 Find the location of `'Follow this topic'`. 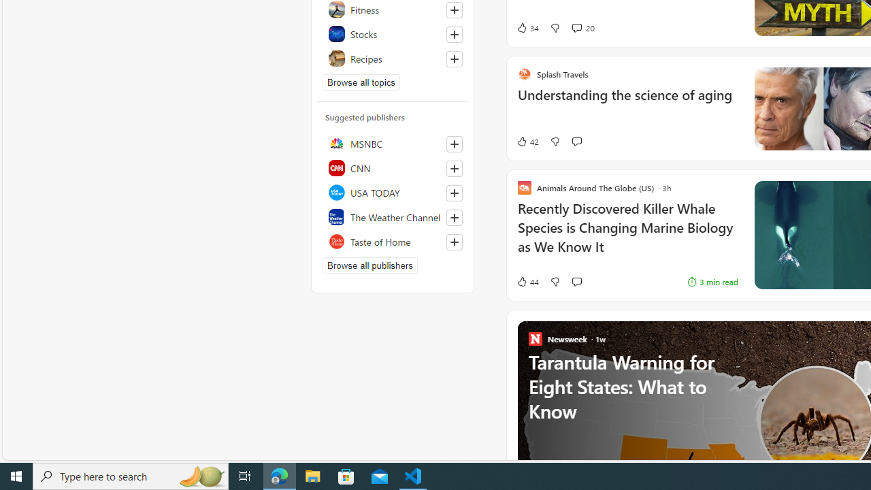

'Follow this topic' is located at coordinates (454, 59).